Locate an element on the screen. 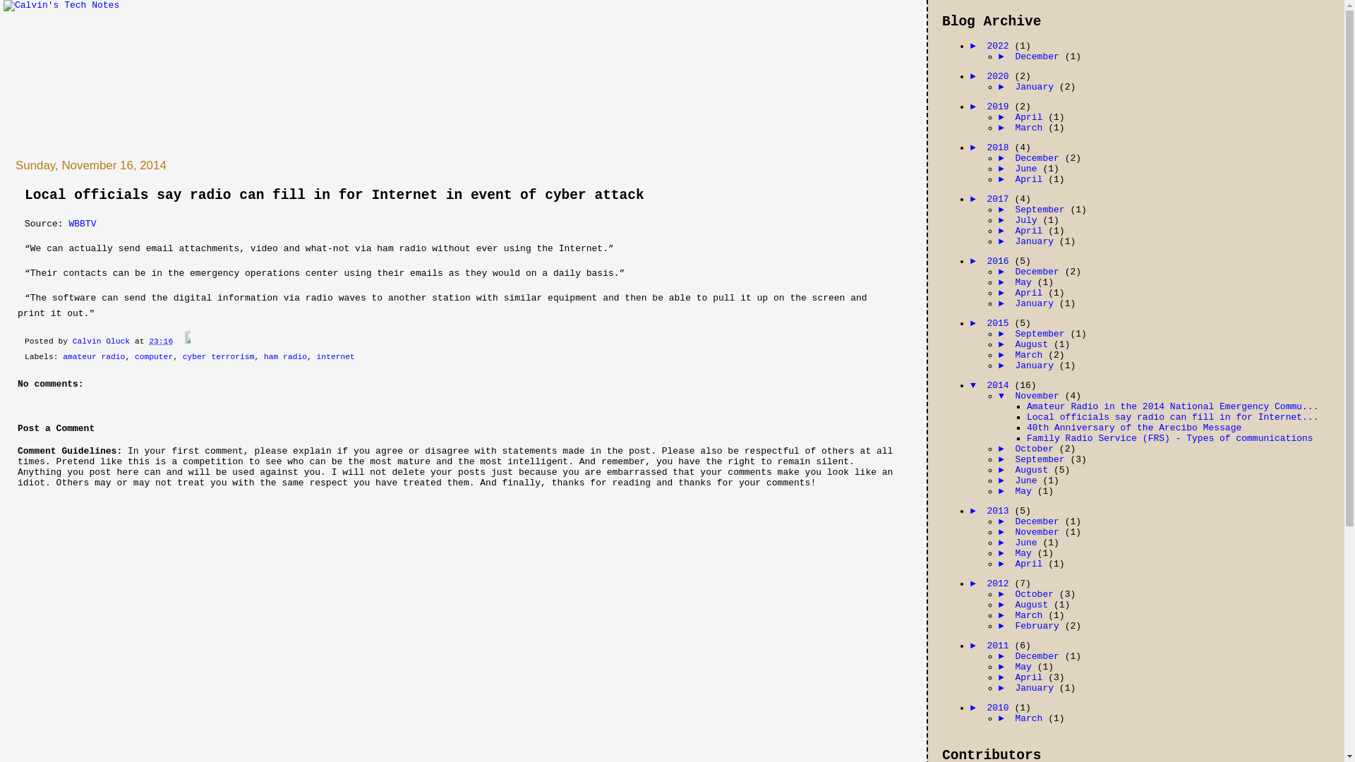 This screenshot has width=1355, height=762. '2016' is located at coordinates (999, 261).